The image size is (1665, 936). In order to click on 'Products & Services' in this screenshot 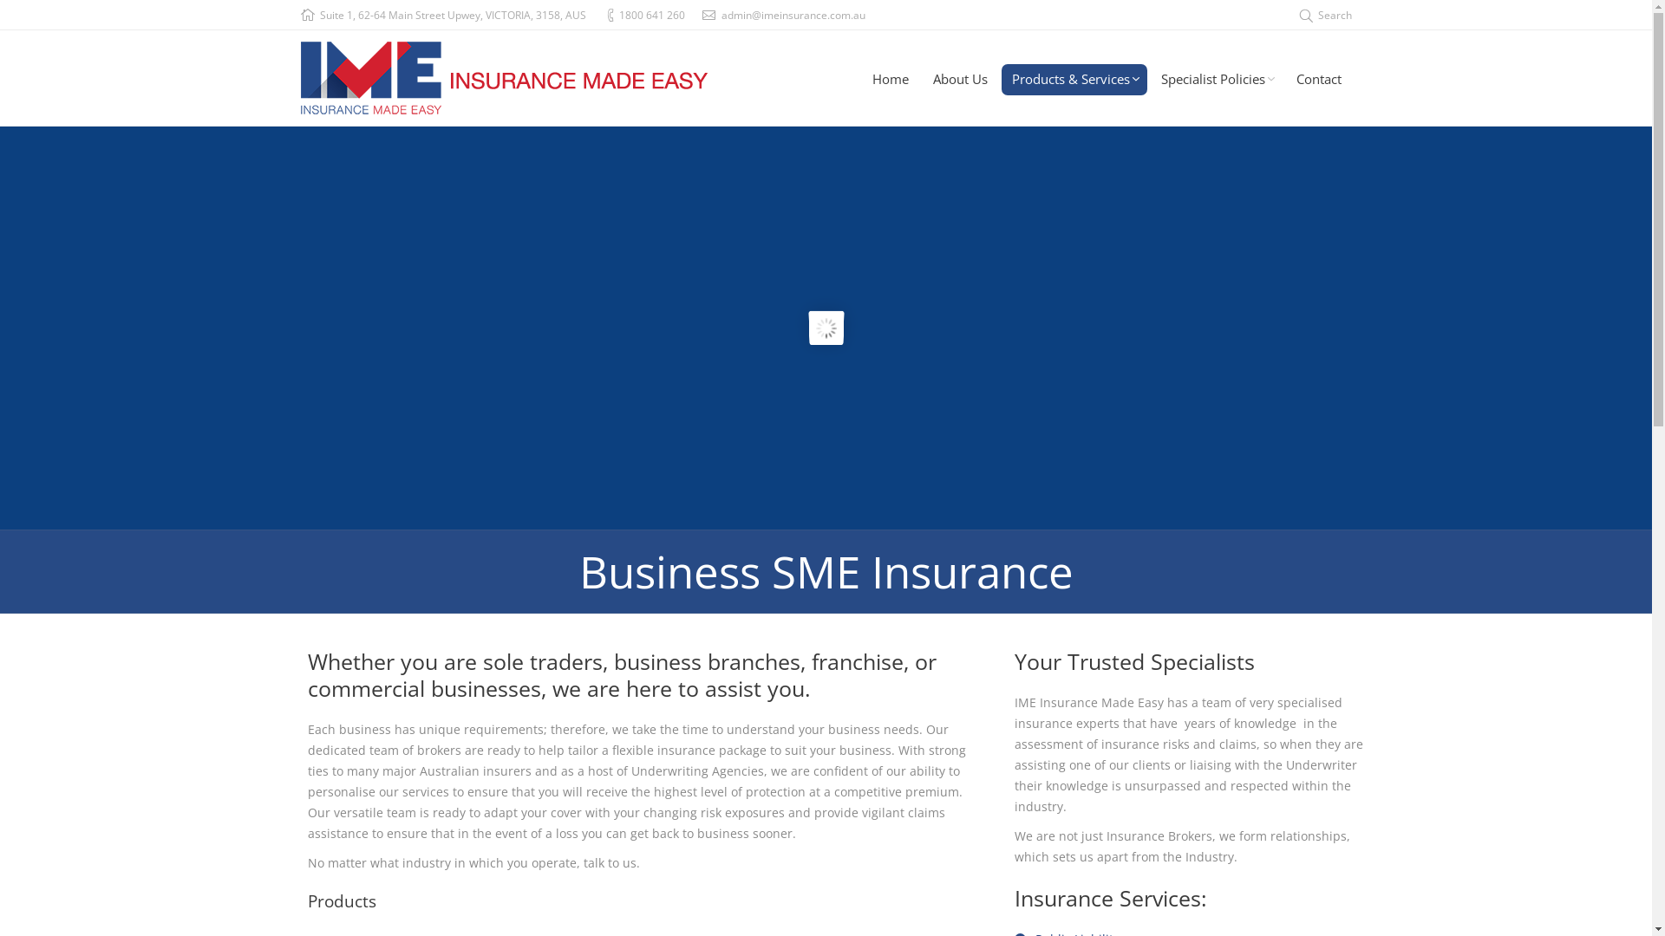, I will do `click(1000, 80)`.